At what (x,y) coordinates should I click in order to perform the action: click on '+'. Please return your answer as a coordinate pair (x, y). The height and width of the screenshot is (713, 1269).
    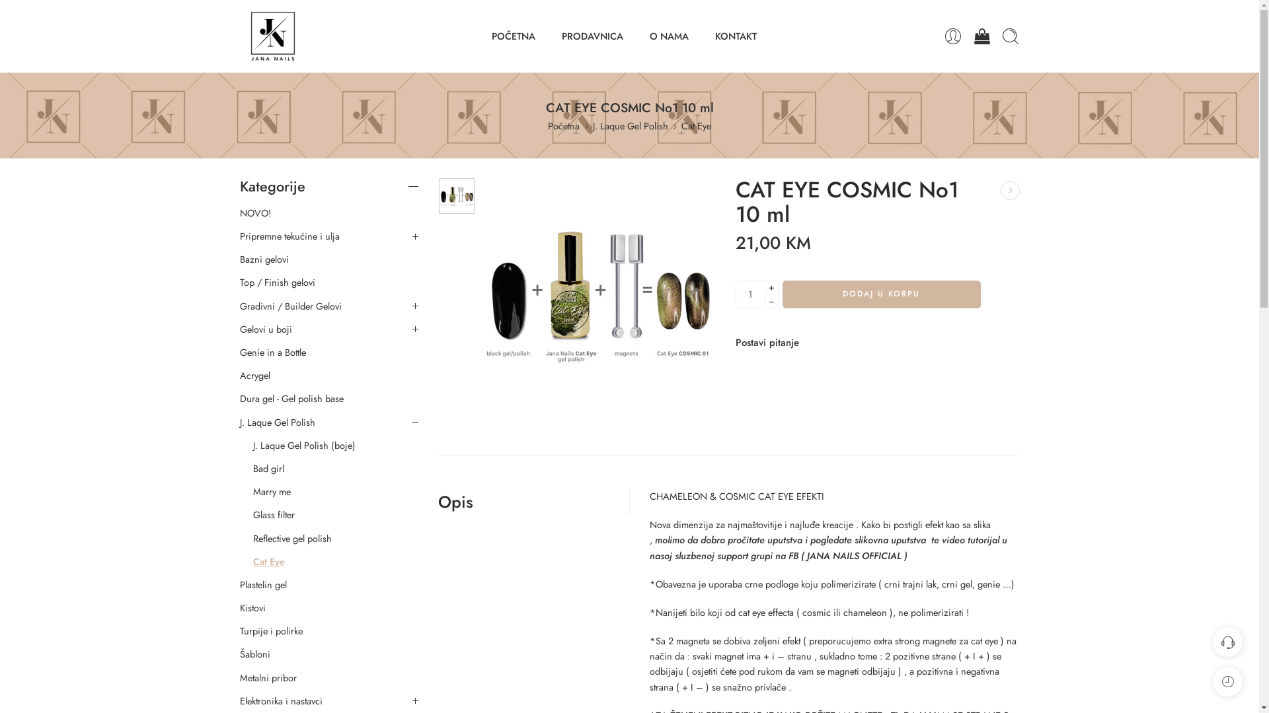
    Looking at the image, I should click on (771, 287).